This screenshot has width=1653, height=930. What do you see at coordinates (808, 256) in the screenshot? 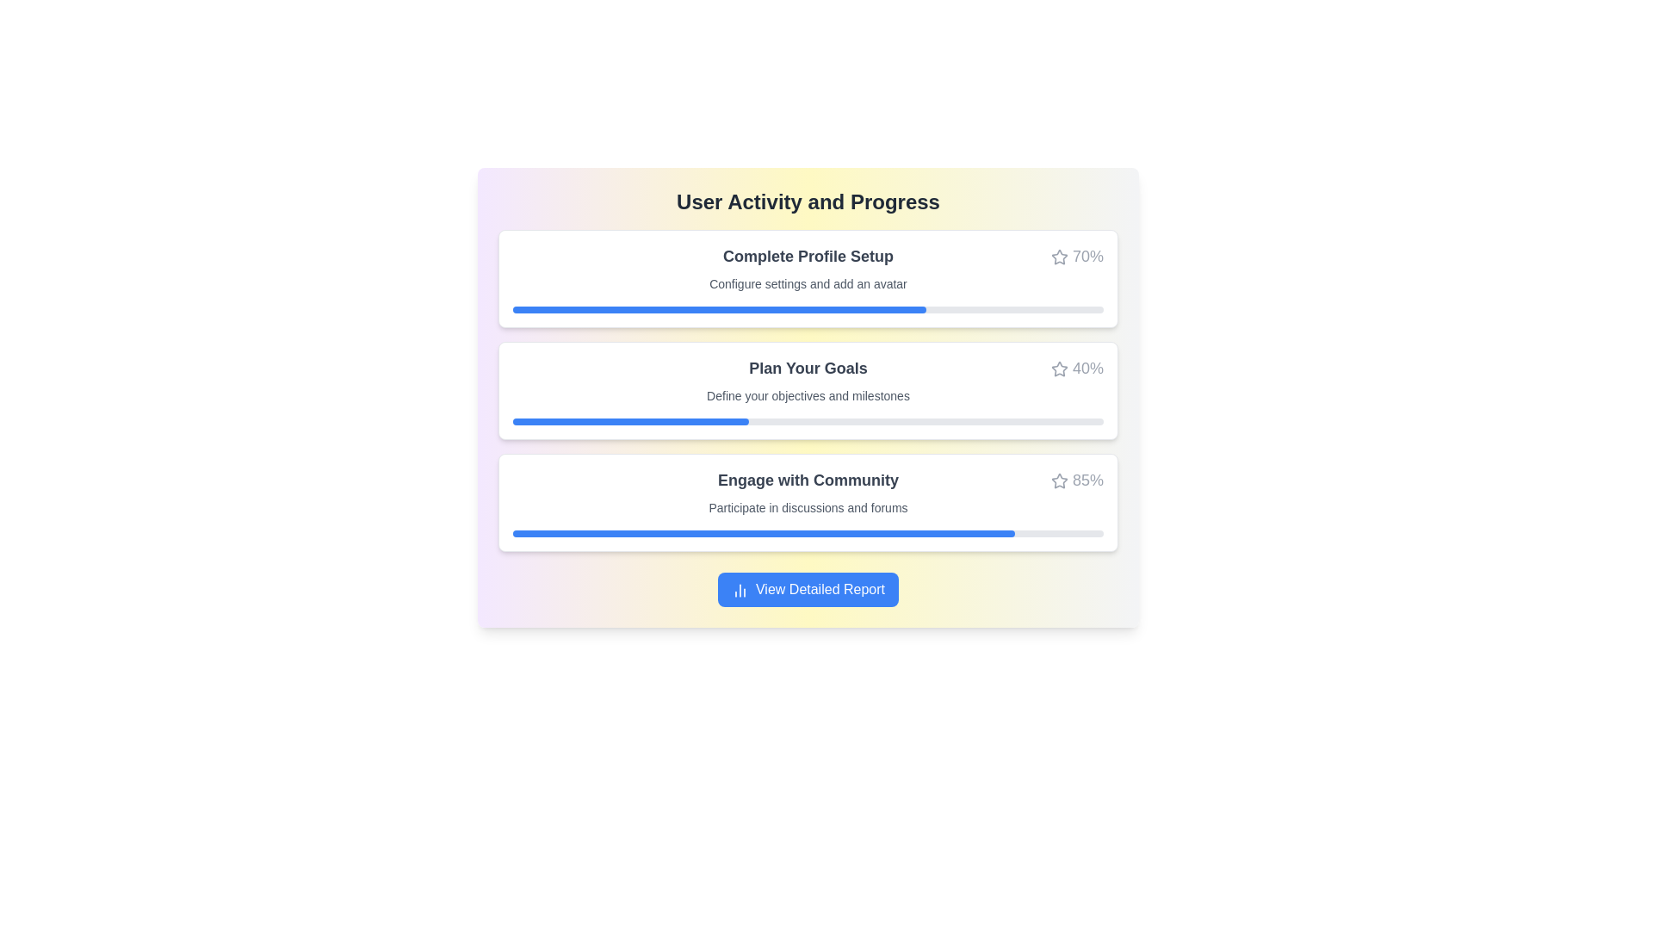
I see `the bold text label 'Complete Profile Setup' located at the top of the card-like structure, which is styled to emphasize importance` at bounding box center [808, 256].